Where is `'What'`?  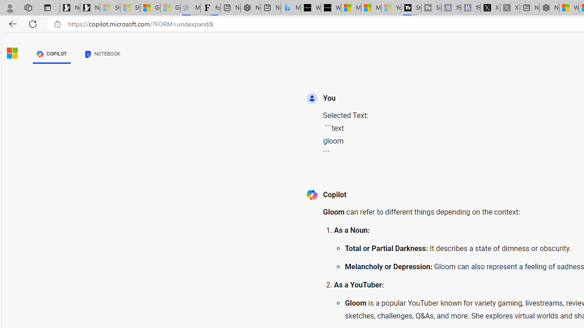
'What' is located at coordinates (330, 8).